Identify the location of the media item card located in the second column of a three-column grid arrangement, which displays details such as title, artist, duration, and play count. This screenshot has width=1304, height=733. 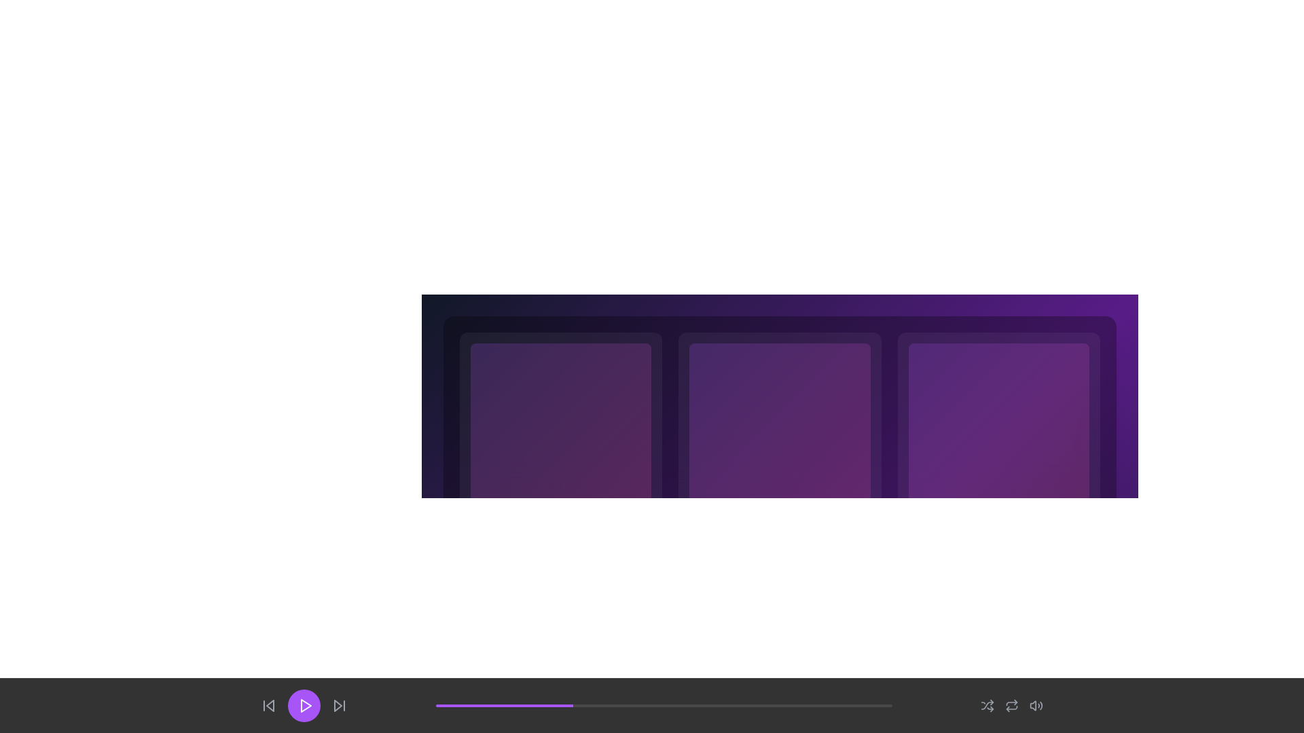
(780, 470).